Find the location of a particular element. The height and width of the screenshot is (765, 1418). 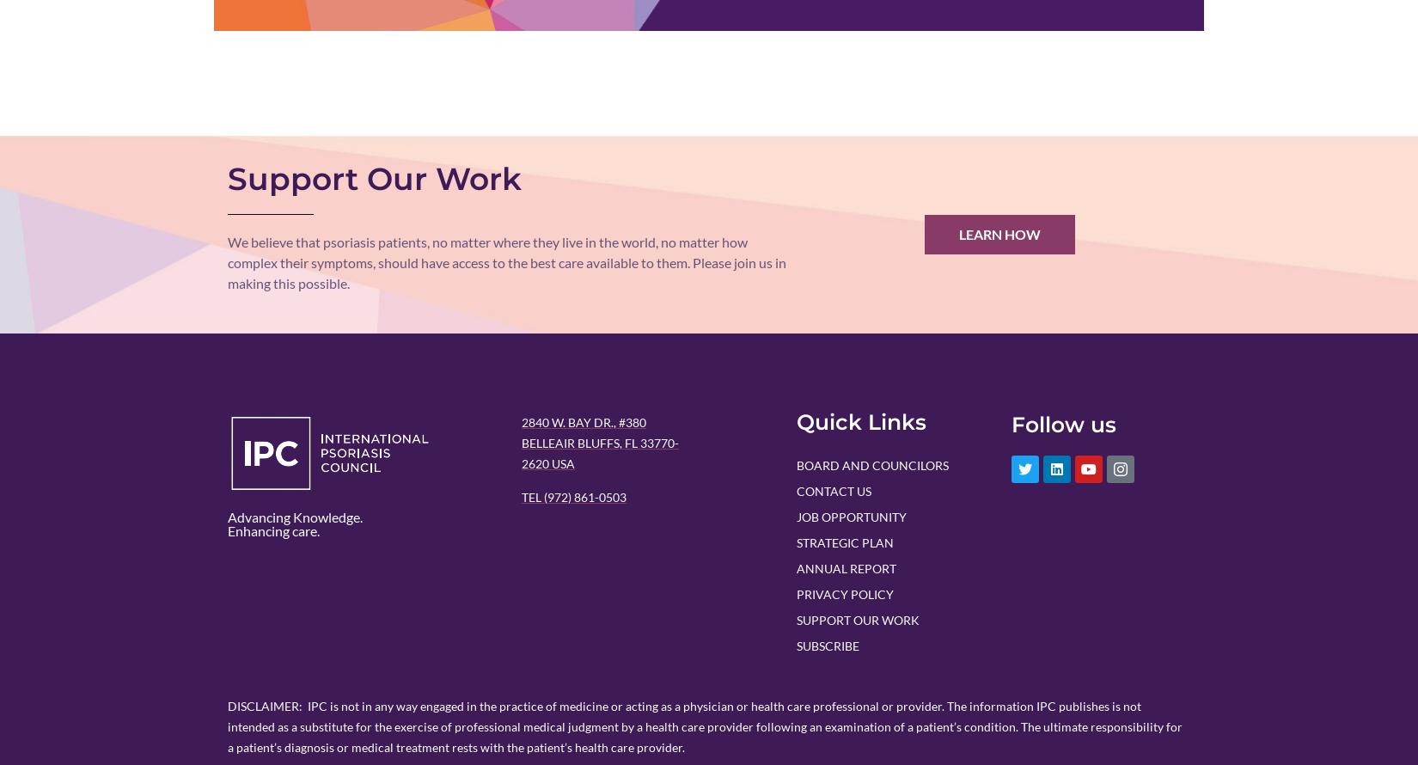

'We believe that psoriasis patients, no matter where they live in the world, no matter how complex their symptoms, should have access to the best care available to them. Please join us in making this possible.' is located at coordinates (227, 261).